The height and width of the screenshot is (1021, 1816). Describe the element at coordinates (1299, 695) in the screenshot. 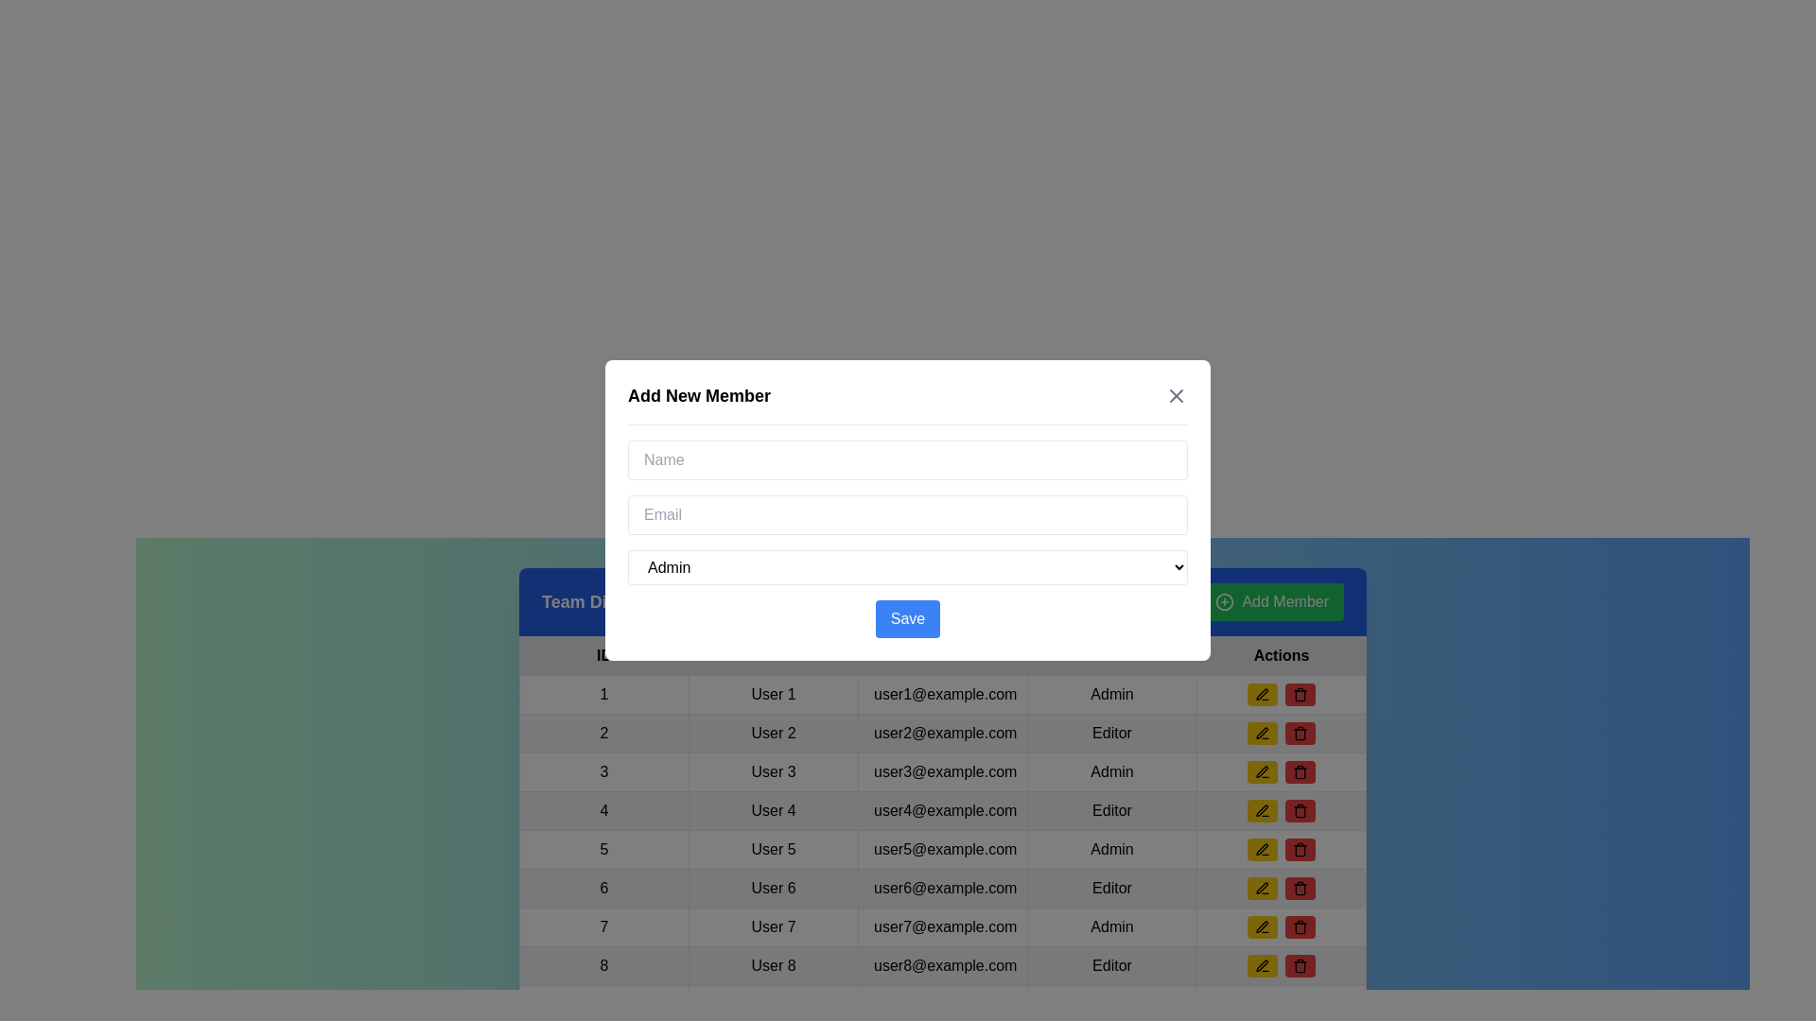

I see `the delete button located on the rightmost side of the 'Actions' column in the data table to initiate a delete action` at that location.